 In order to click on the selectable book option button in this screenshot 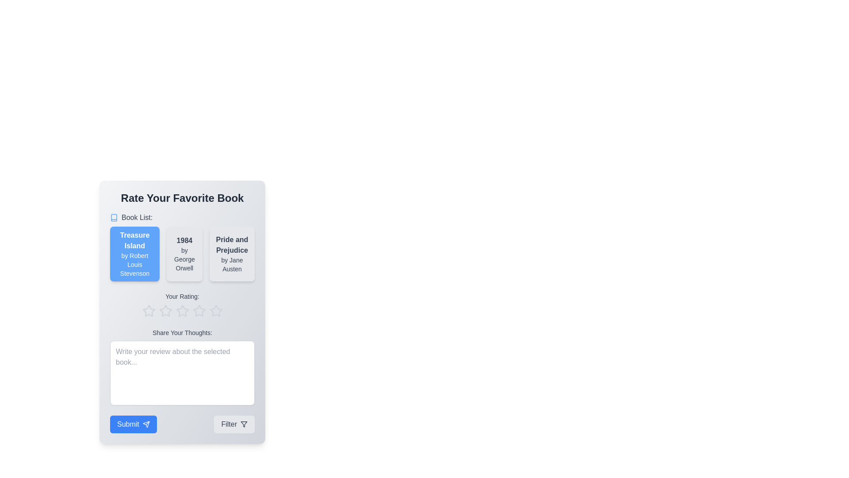, I will do `click(232, 254)`.